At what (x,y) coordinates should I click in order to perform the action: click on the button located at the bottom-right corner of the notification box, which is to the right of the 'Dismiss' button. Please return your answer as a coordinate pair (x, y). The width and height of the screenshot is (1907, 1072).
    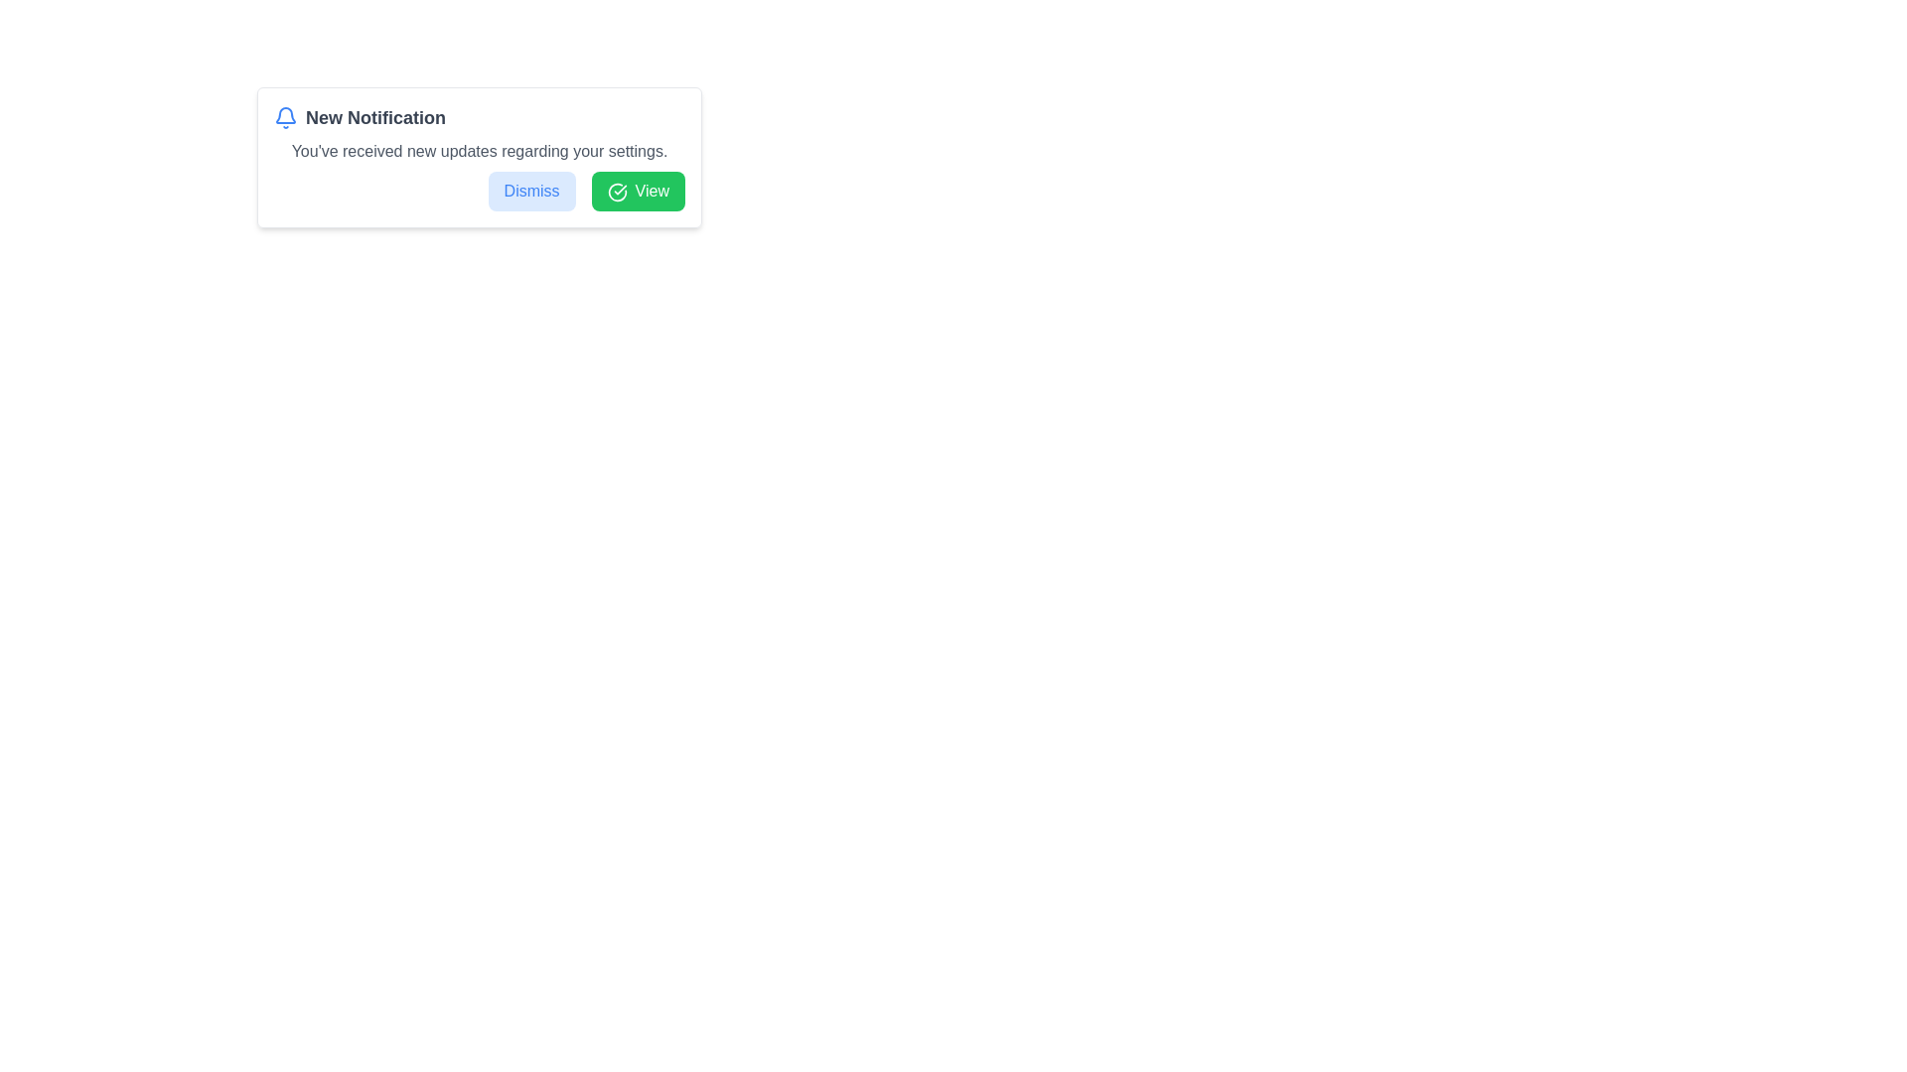
    Looking at the image, I should click on (638, 191).